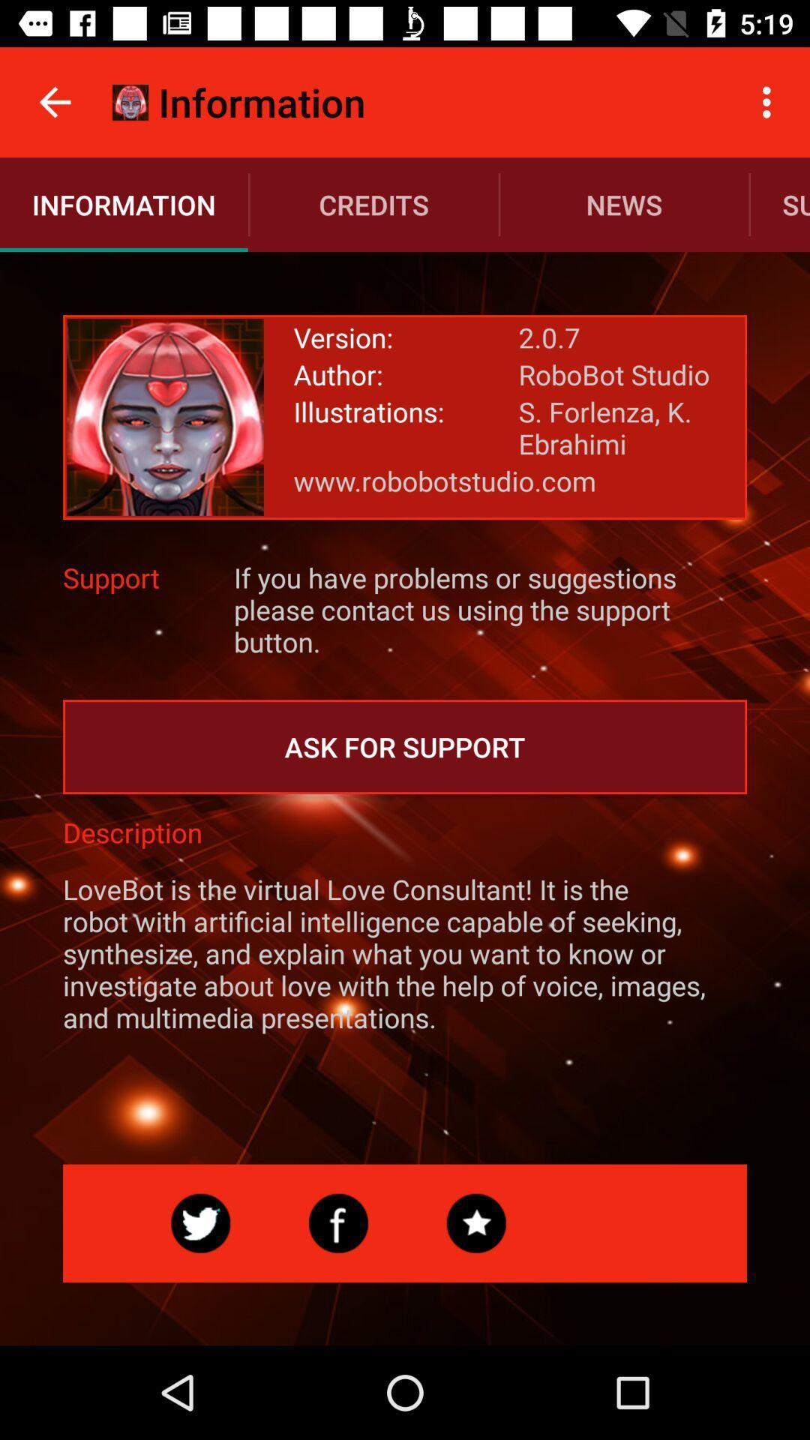 Image resolution: width=810 pixels, height=1440 pixels. What do you see at coordinates (476, 1223) in the screenshot?
I see `the star icon` at bounding box center [476, 1223].